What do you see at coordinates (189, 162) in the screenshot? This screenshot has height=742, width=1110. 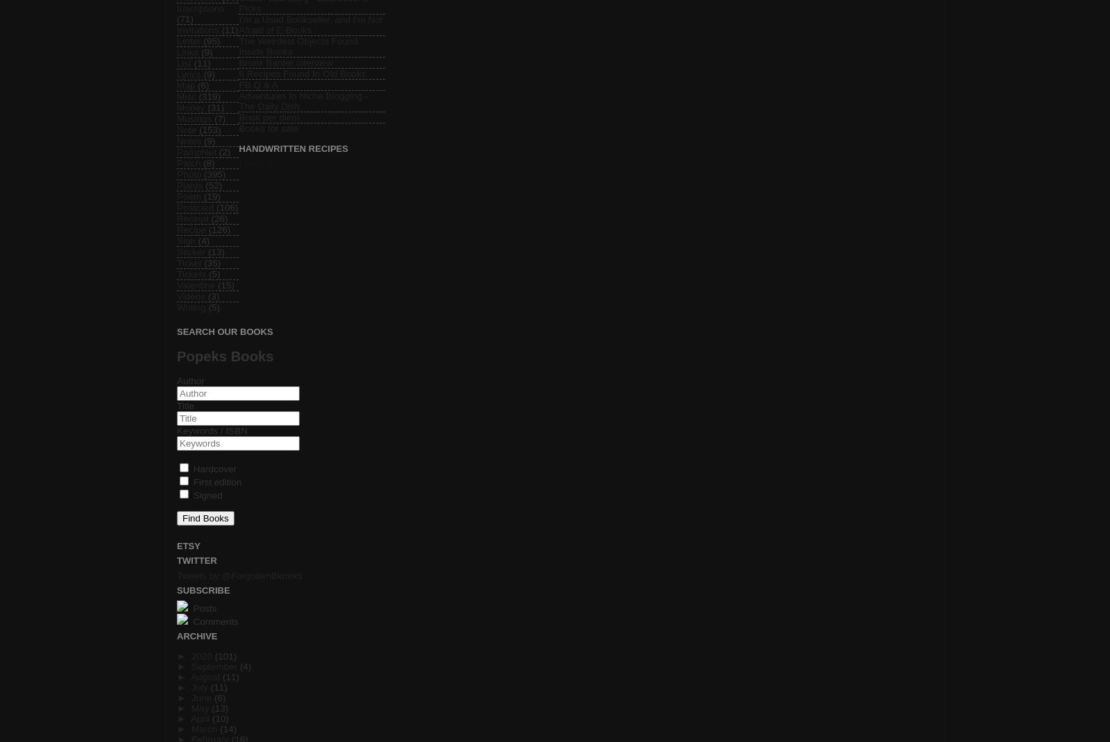 I see `'Patch'` at bounding box center [189, 162].